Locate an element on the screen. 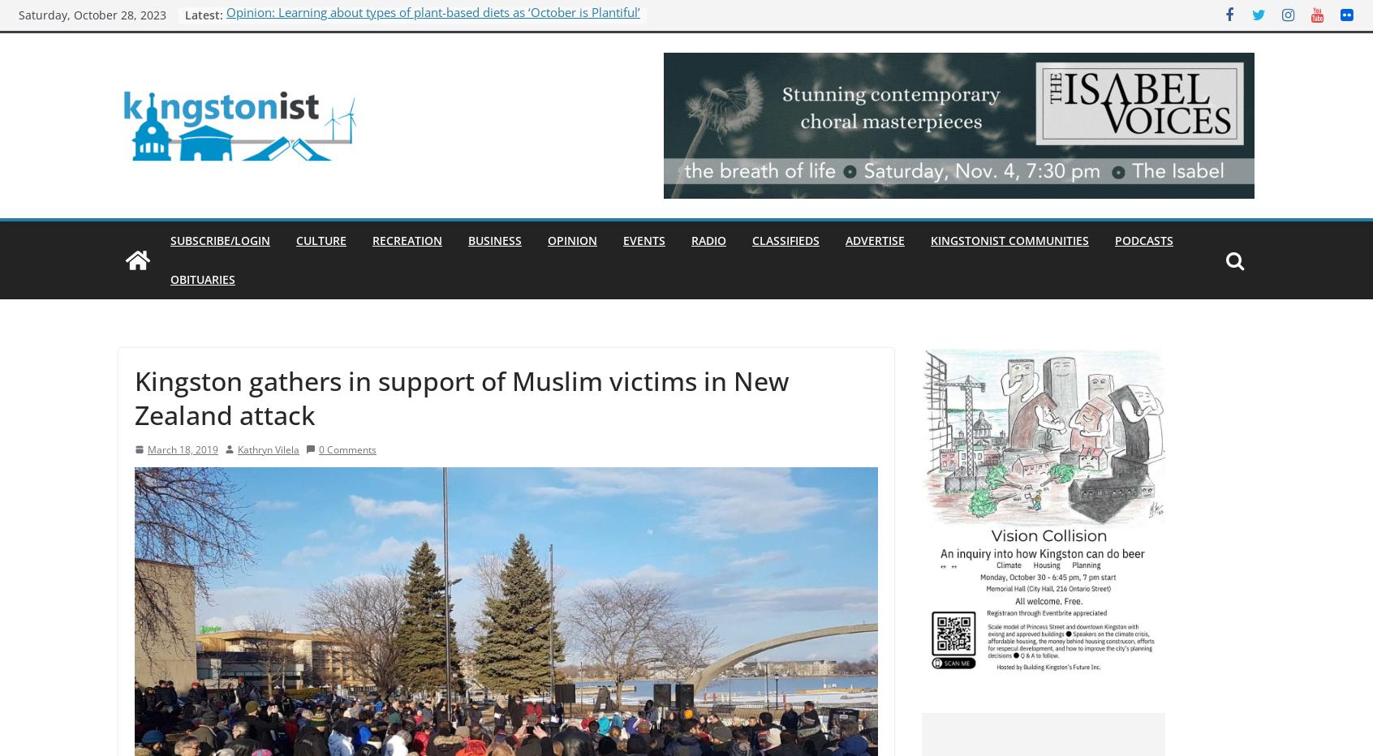 The image size is (1373, 756). 'Podcasts' is located at coordinates (1143, 240).